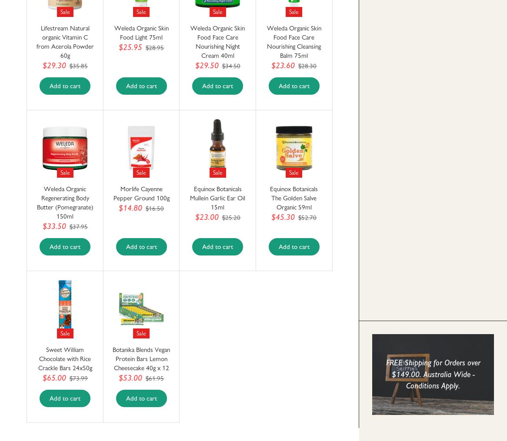 The width and height of the screenshot is (507, 441). What do you see at coordinates (230, 66) in the screenshot?
I see `'$34.50'` at bounding box center [230, 66].